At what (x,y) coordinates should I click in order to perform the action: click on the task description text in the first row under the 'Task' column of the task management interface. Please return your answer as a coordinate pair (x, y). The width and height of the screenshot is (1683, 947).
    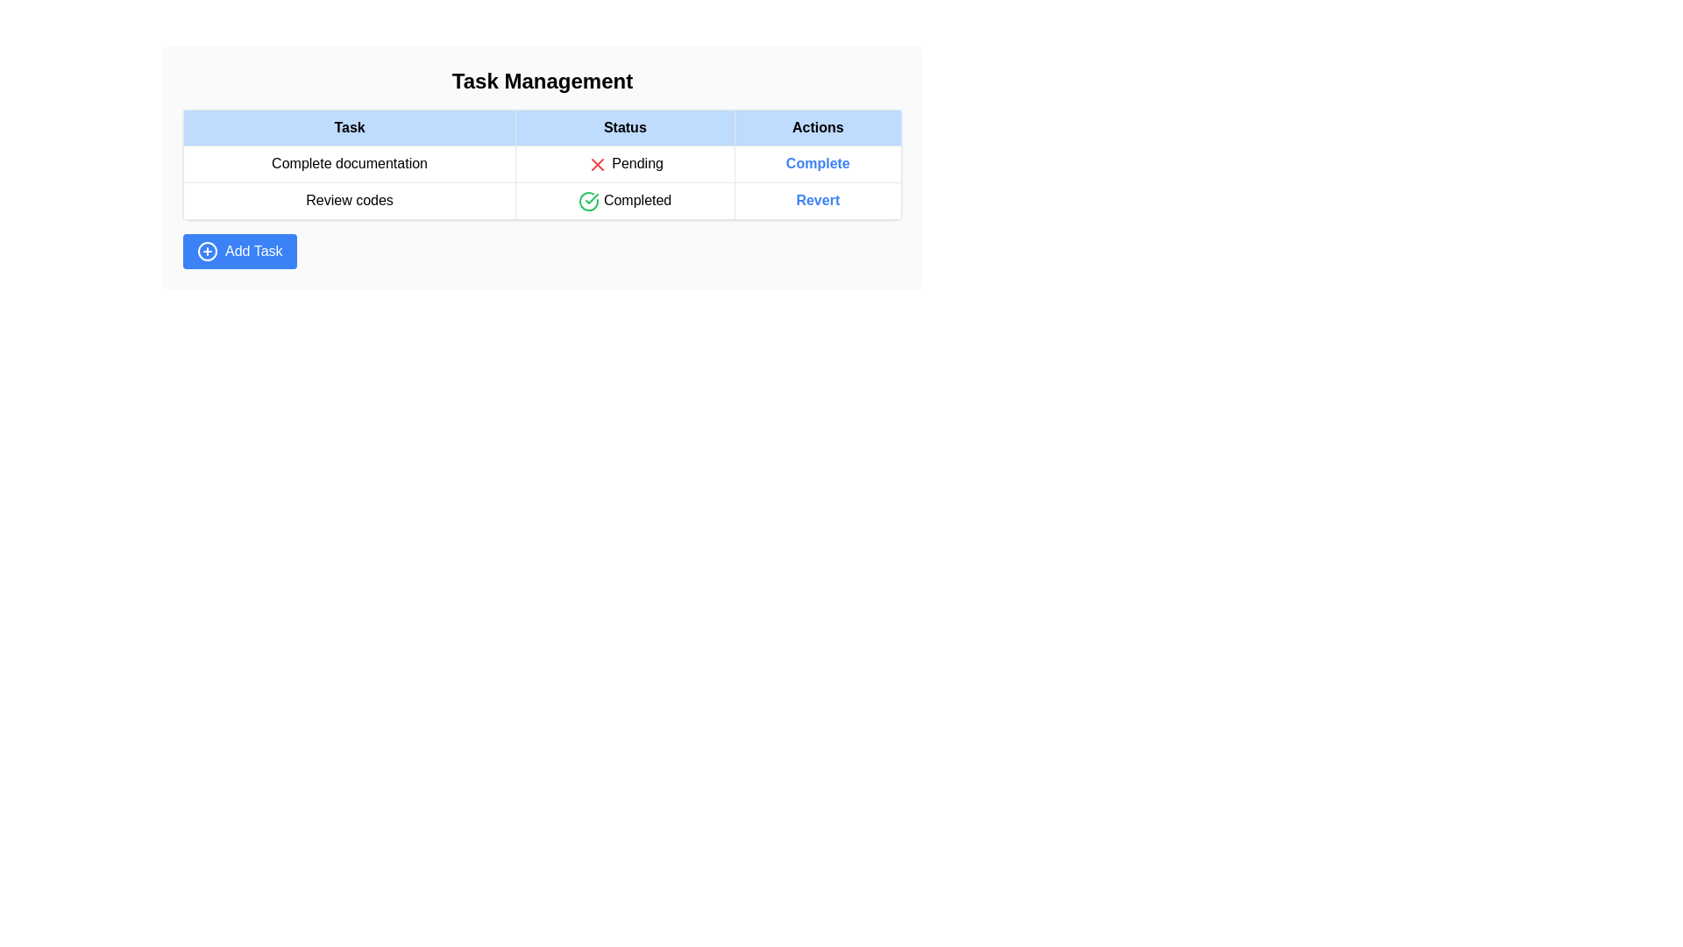
    Looking at the image, I should click on (349, 164).